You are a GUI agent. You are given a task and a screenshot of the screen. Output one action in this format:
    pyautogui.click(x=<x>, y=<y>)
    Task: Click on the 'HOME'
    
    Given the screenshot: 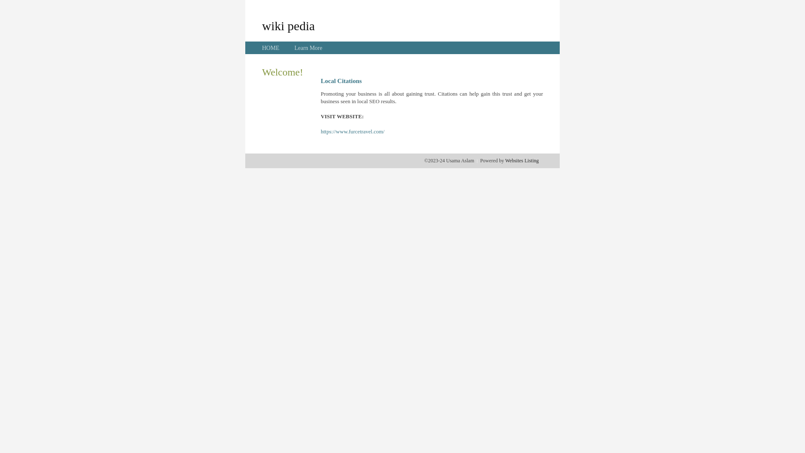 What is the action you would take?
    pyautogui.click(x=261, y=48)
    